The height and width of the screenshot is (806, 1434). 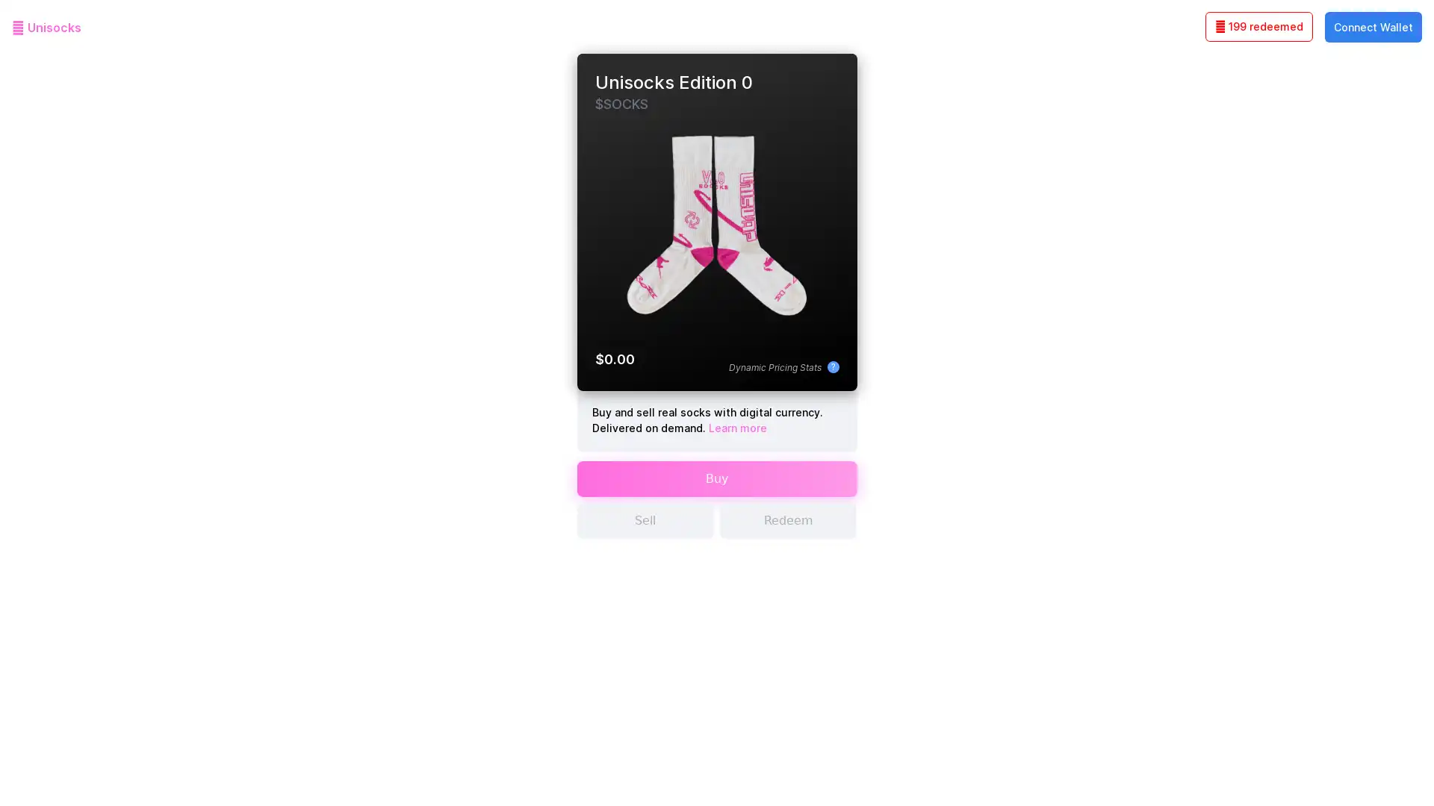 I want to click on Sell, so click(x=645, y=531).